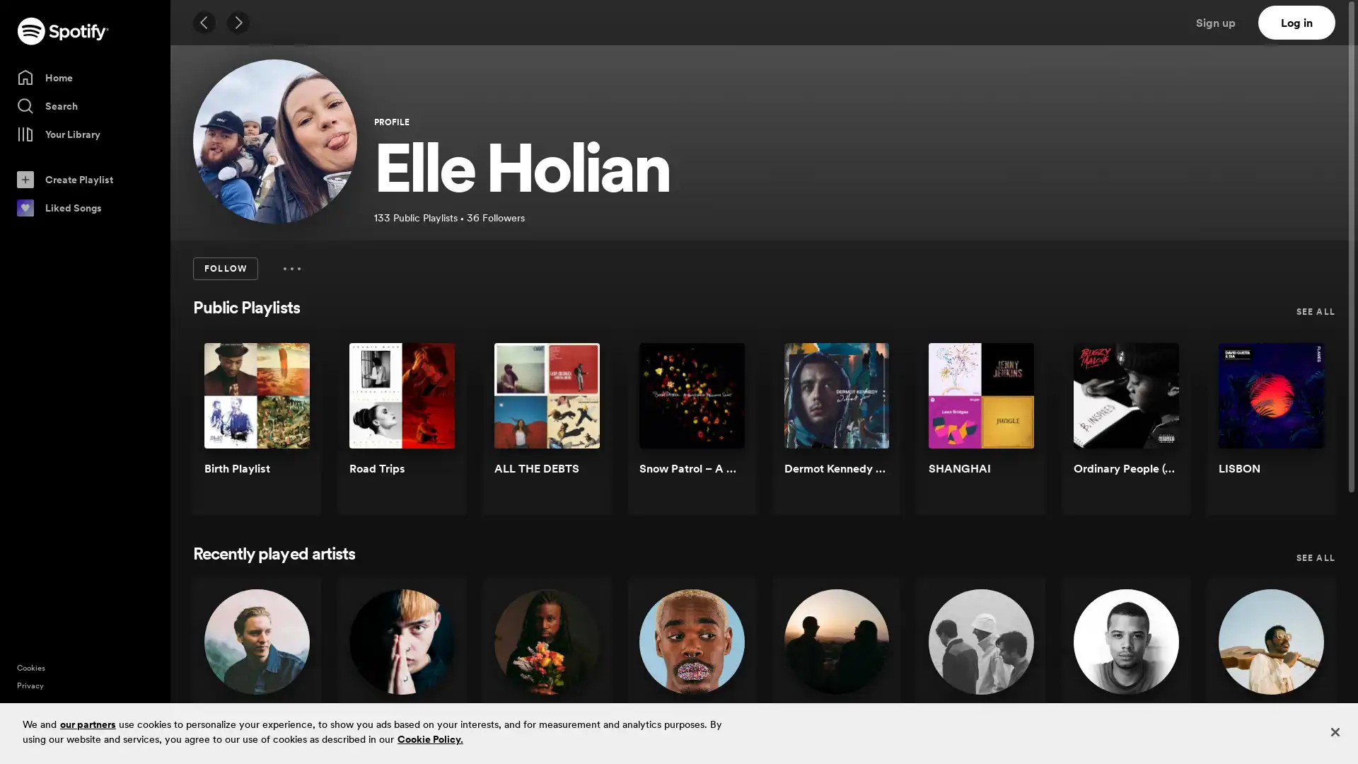 The height and width of the screenshot is (764, 1358). Describe the element at coordinates (1301, 430) in the screenshot. I see `Play LISBON` at that location.